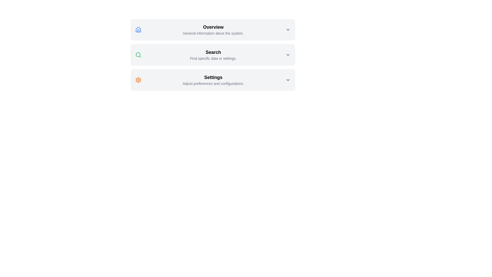 Image resolution: width=492 pixels, height=277 pixels. Describe the element at coordinates (138, 54) in the screenshot. I see `central SVG circle graphic representing the lens of the magnifying glass icon in the 'Search' section of the interface` at that location.